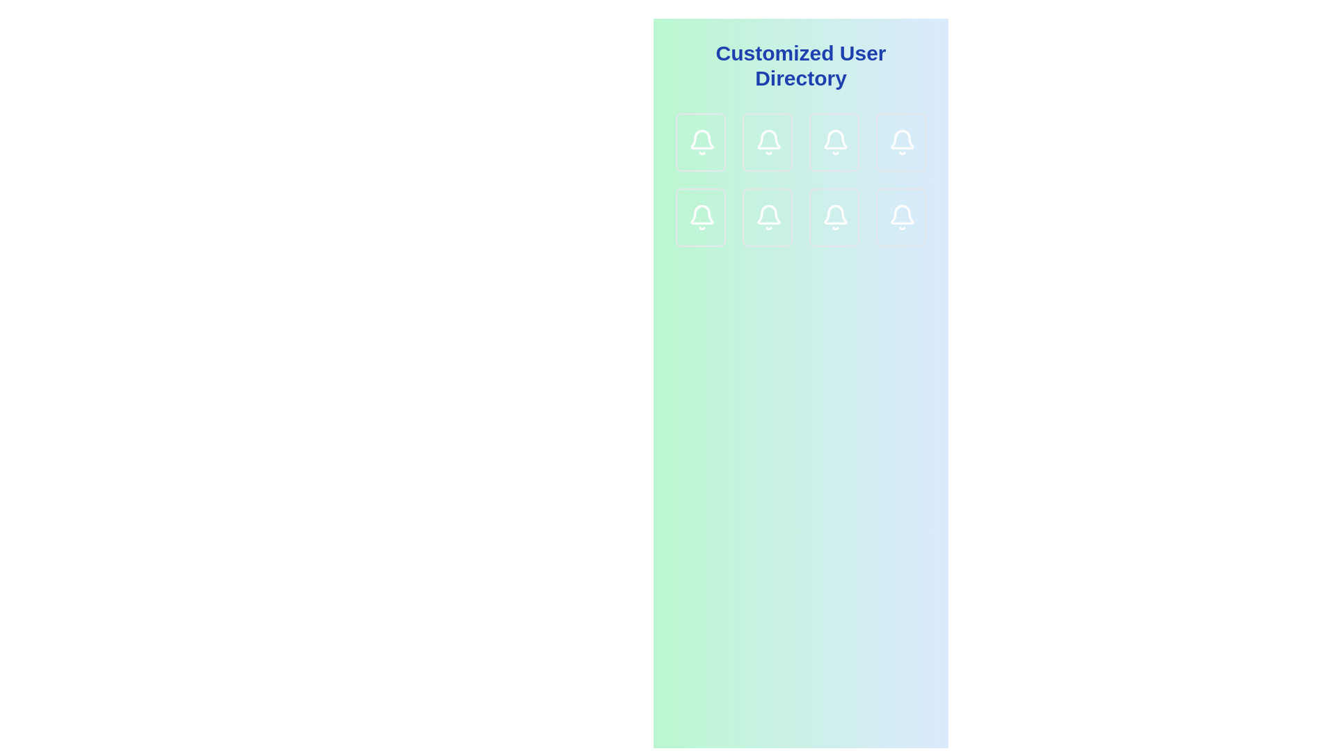 This screenshot has height=751, width=1335. What do you see at coordinates (768, 139) in the screenshot?
I see `the bell icon in the second column of the first row` at bounding box center [768, 139].